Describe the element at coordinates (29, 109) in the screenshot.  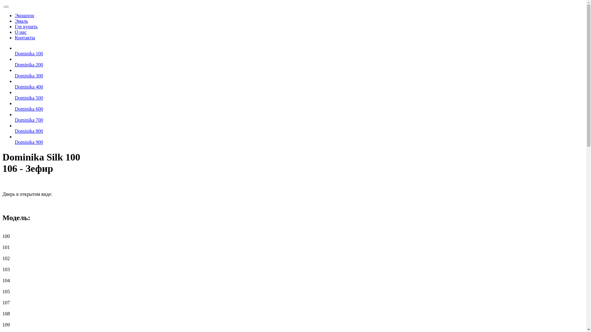
I see `'Dominika 600'` at that location.